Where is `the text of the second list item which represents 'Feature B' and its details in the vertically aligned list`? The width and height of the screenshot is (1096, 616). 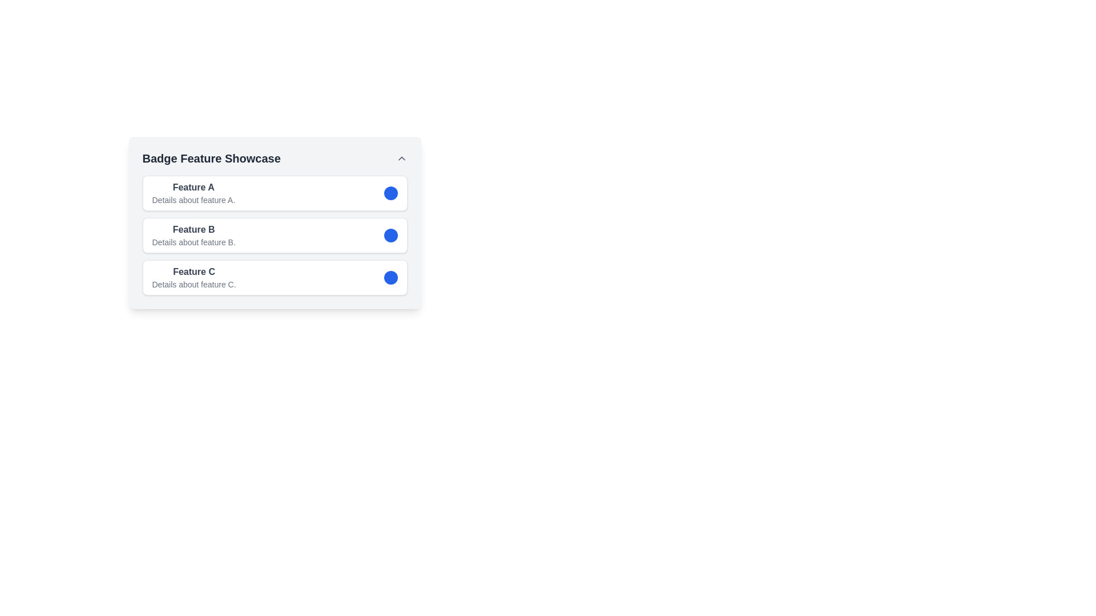
the text of the second list item which represents 'Feature B' and its details in the vertically aligned list is located at coordinates (275, 234).